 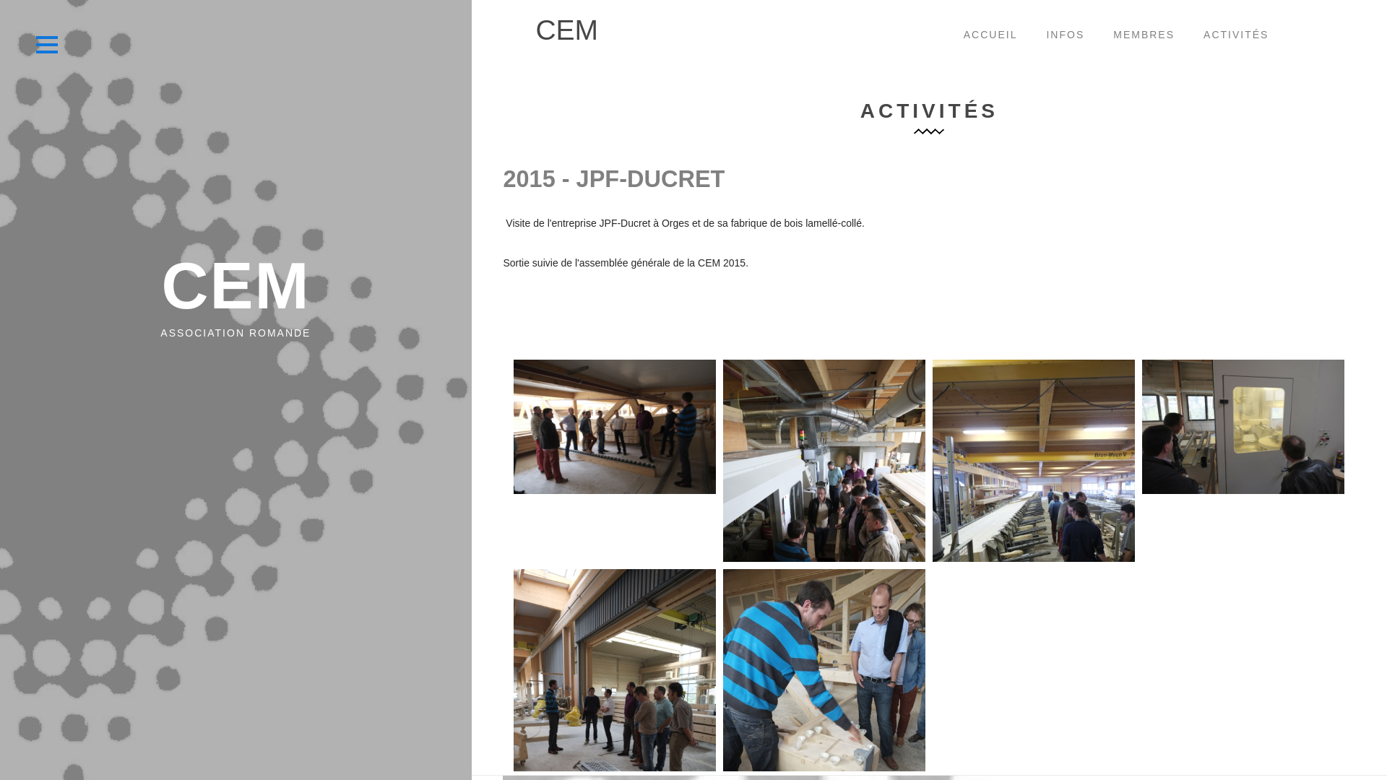 I want to click on 'INFOS', so click(x=1065, y=35).